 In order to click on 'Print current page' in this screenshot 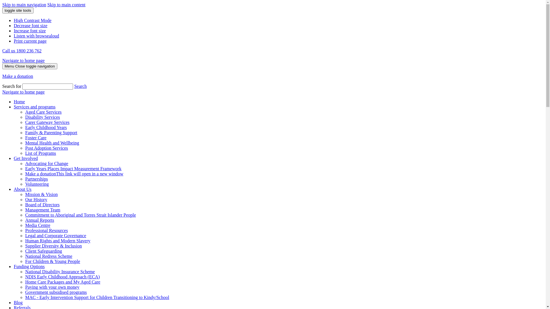, I will do `click(30, 41)`.